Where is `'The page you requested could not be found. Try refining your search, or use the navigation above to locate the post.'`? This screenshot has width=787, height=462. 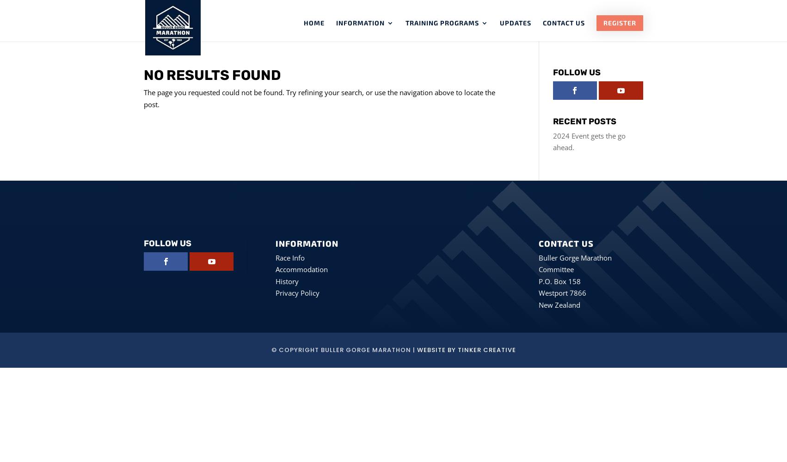
'The page you requested could not be found. Try refining your search, or use the navigation above to locate the post.' is located at coordinates (143, 97).